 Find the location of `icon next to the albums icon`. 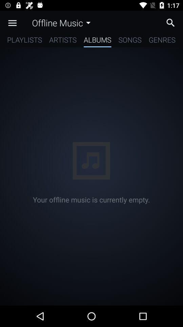

icon next to the albums icon is located at coordinates (63, 41).